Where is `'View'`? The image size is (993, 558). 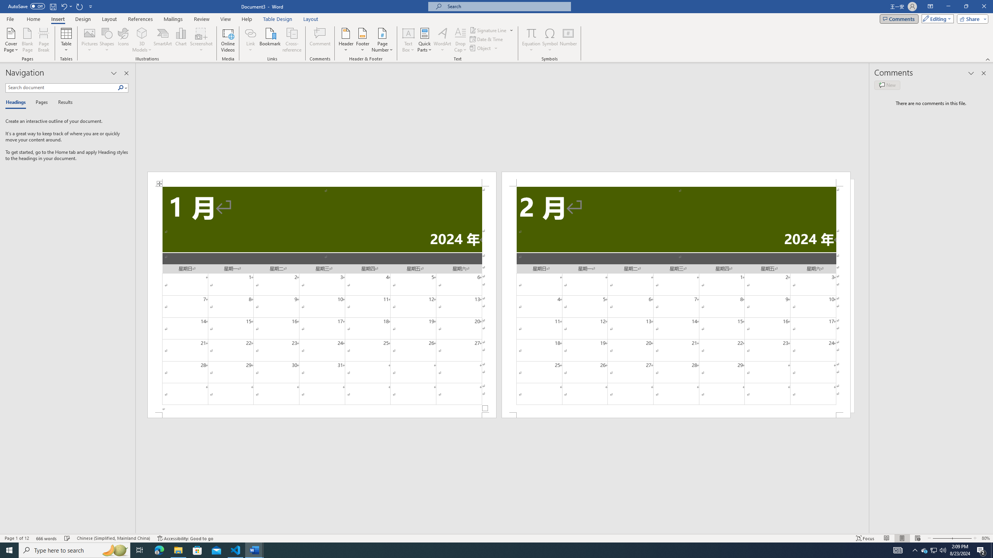
'View' is located at coordinates (226, 19).